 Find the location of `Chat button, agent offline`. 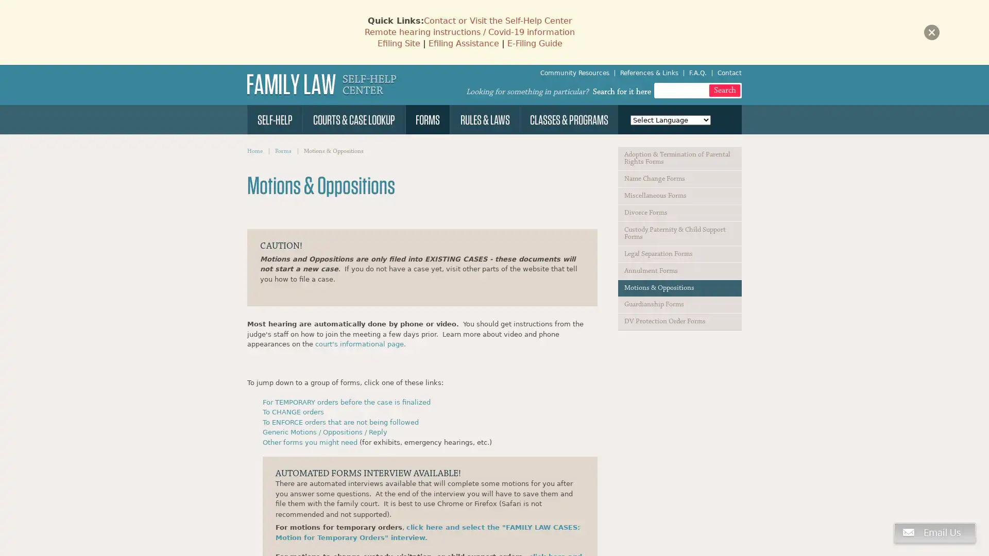

Chat button, agent offline is located at coordinates (934, 550).